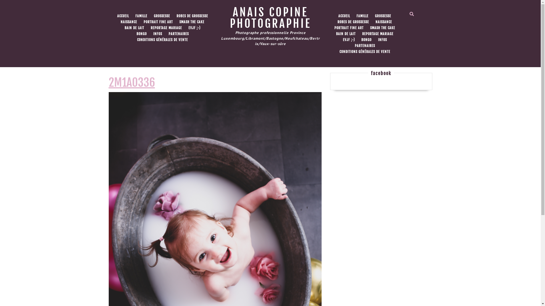  Describe the element at coordinates (194, 28) in the screenshot. I see `'EVJF ;-)'` at that location.